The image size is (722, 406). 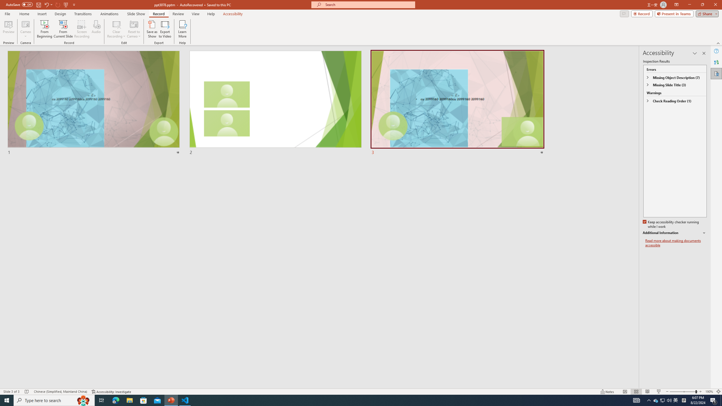 I want to click on 'Additional Information', so click(x=675, y=233).